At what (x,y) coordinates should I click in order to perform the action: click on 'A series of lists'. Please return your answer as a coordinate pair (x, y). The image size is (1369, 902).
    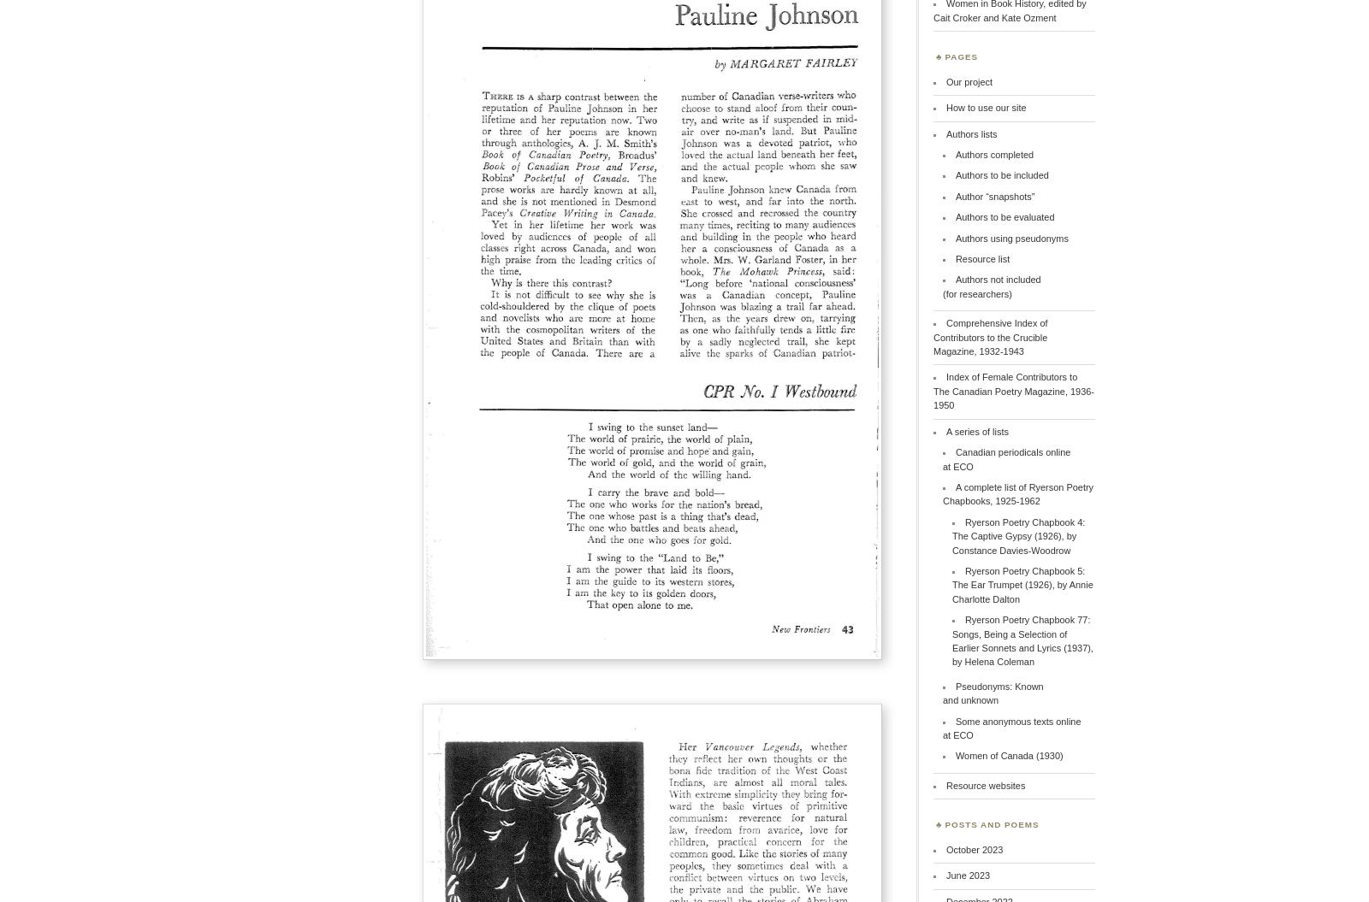
    Looking at the image, I should click on (976, 430).